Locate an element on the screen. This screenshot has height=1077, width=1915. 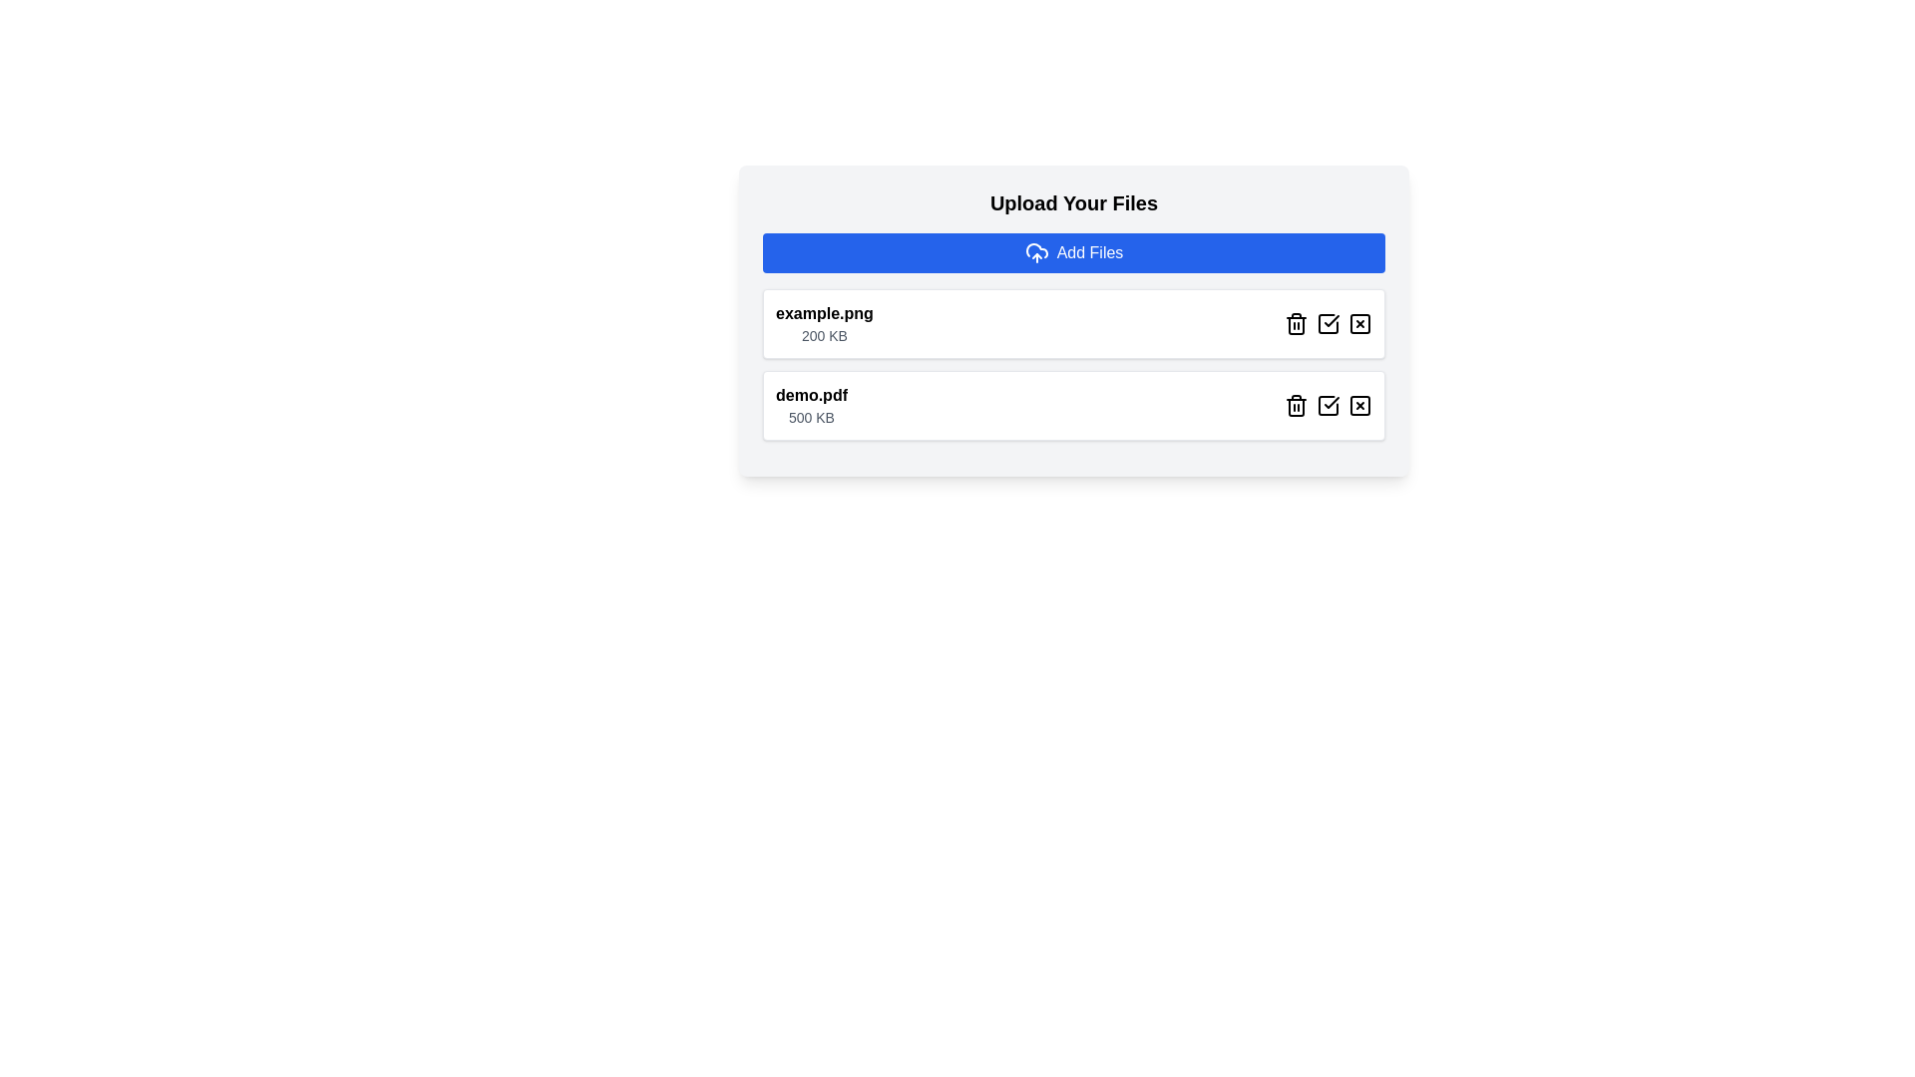
the text label displaying 'example.png' is located at coordinates (824, 314).